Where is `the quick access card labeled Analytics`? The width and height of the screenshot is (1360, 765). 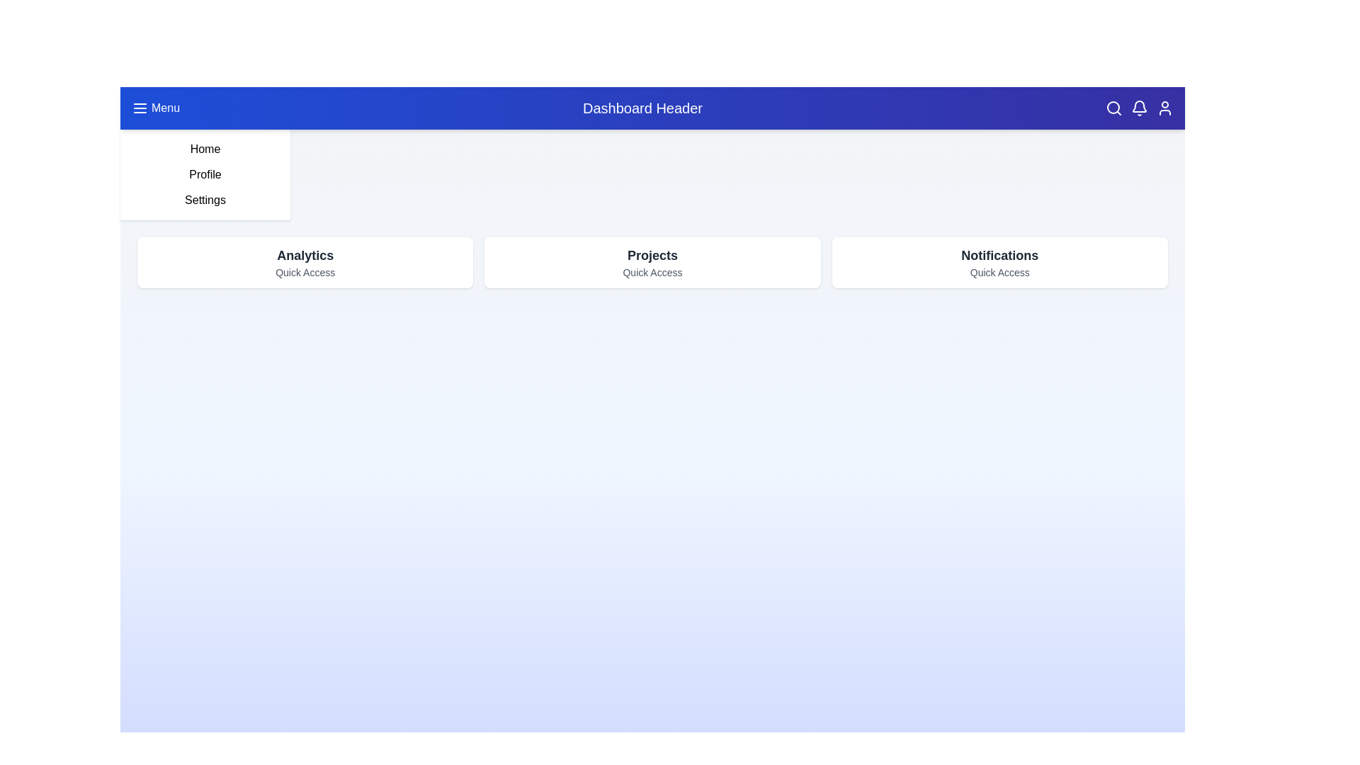 the quick access card labeled Analytics is located at coordinates (305, 262).